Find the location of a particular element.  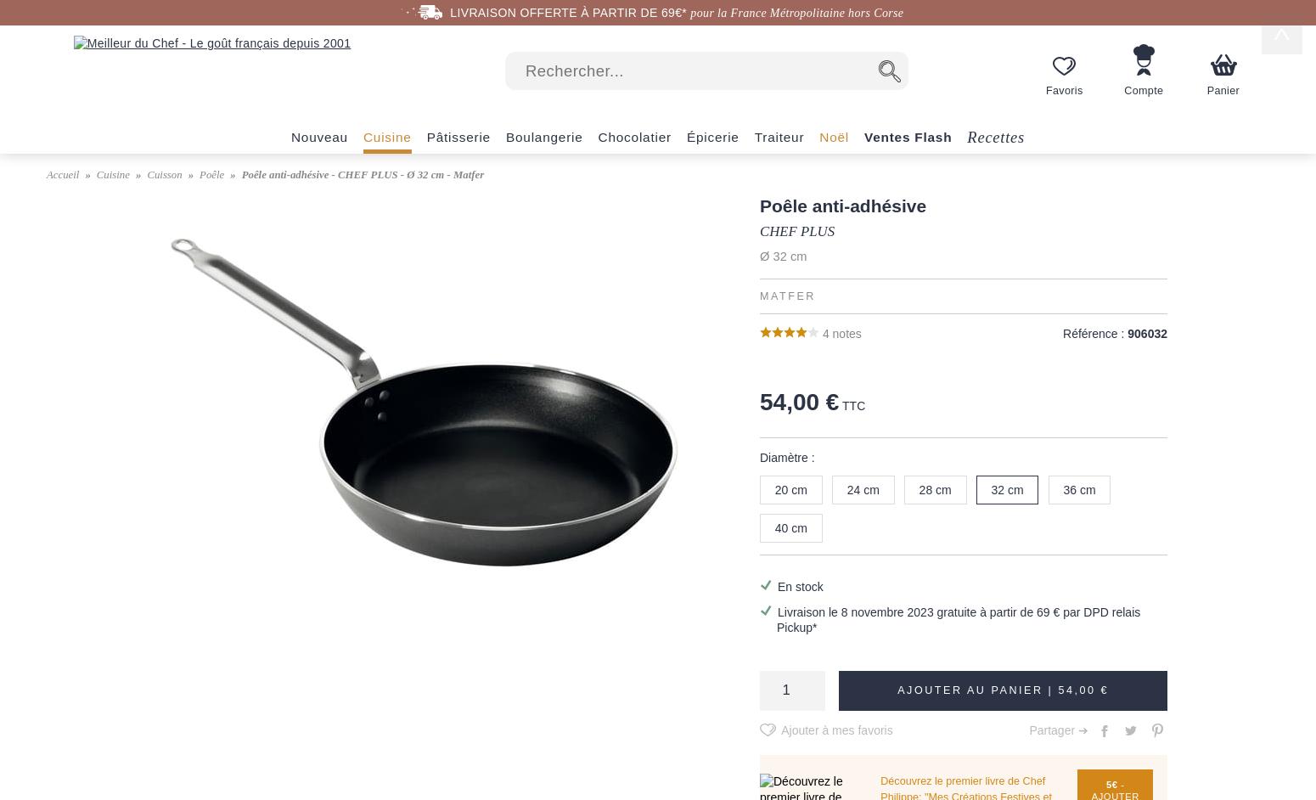

'LIVRAISON OFFERTE À PARTIR DE 69€*' is located at coordinates (567, 12).